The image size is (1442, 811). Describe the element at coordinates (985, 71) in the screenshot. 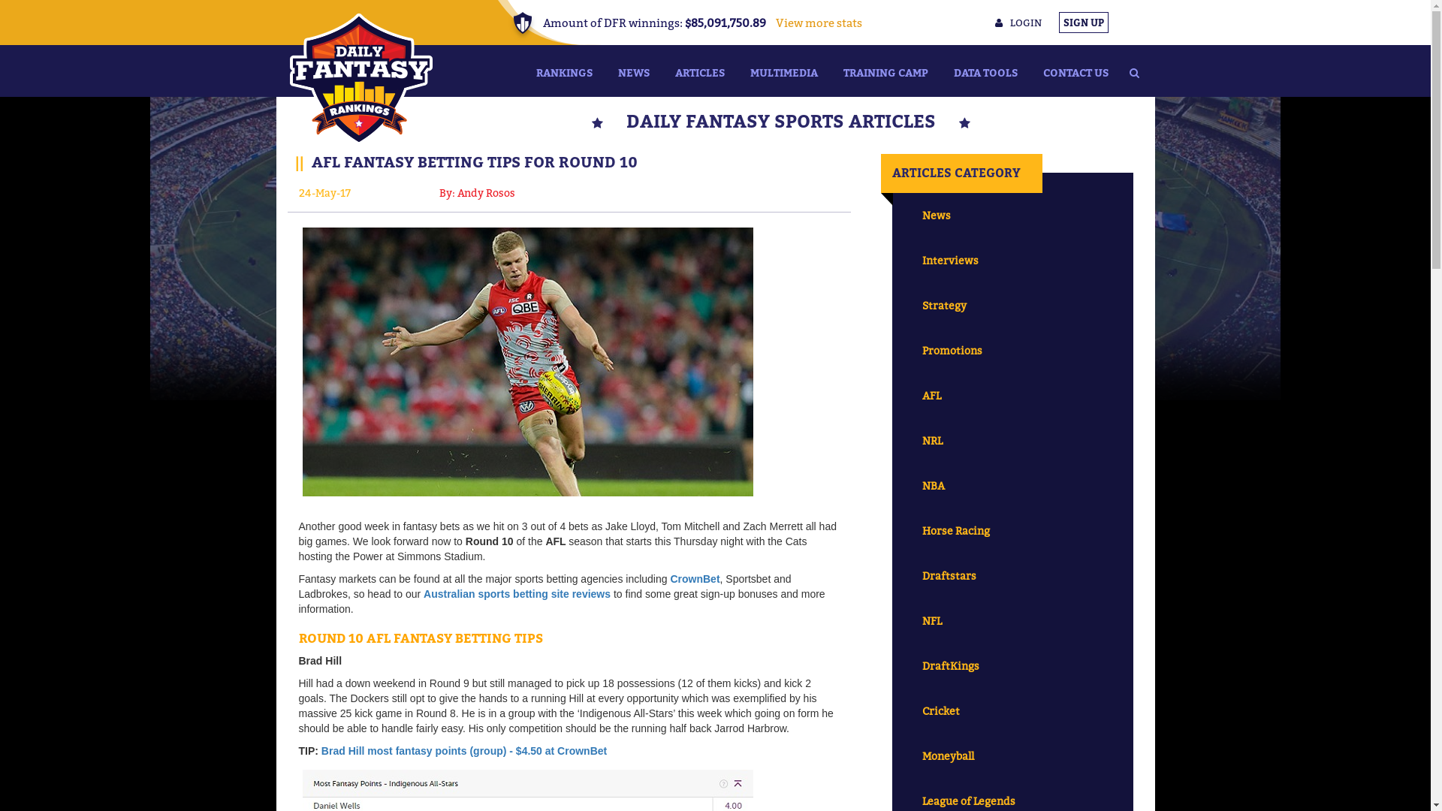

I see `'DATA TOOLS'` at that location.